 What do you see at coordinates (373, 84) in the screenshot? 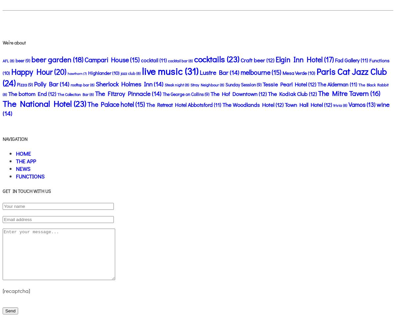
I see `'The Black Rabbit'` at bounding box center [373, 84].